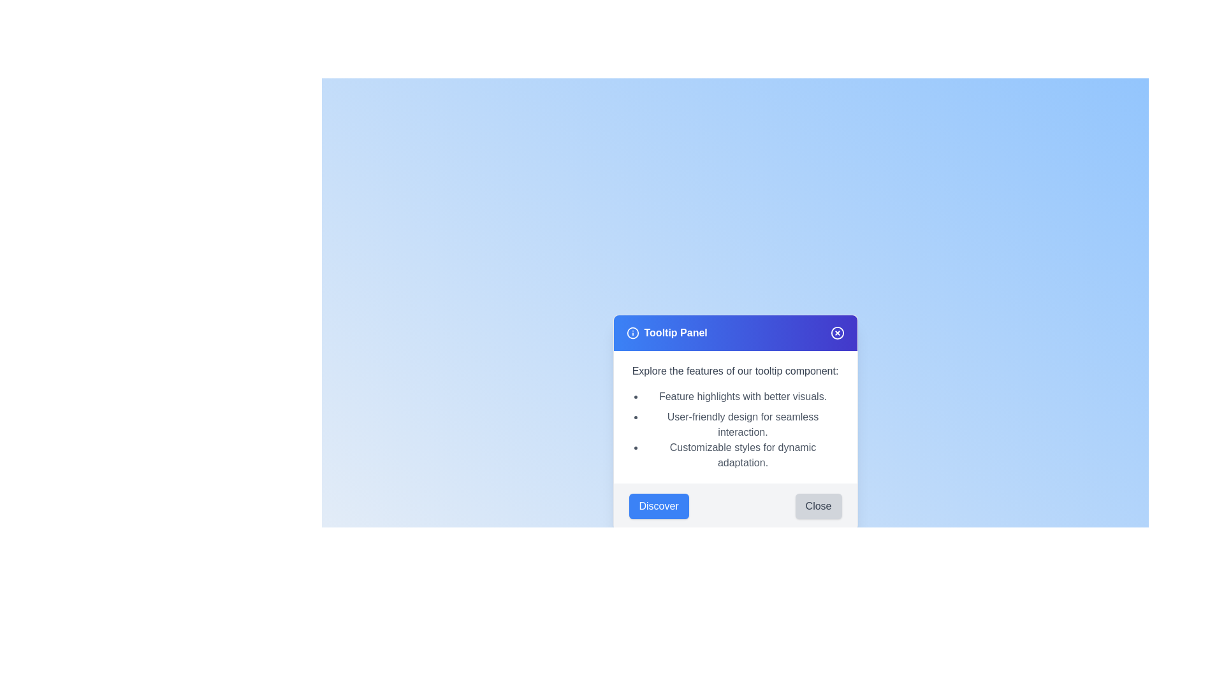  I want to click on the circular blue icon with a white border containing an 'i' symbol for additional information in the Tooltip Panel, so click(632, 333).